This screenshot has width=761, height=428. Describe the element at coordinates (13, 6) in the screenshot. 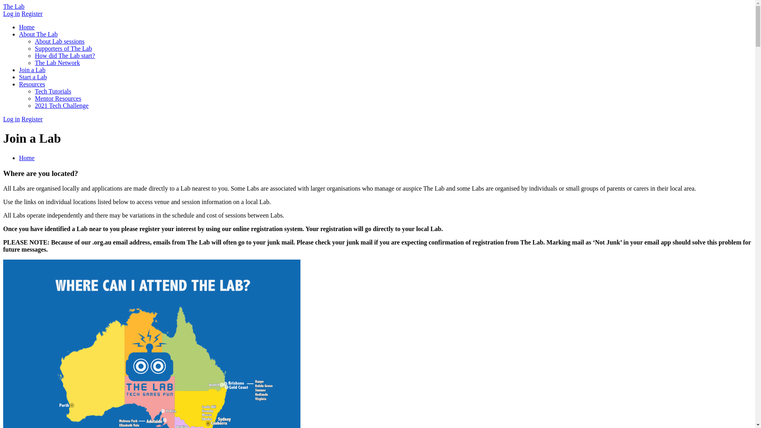

I see `'The Lab'` at that location.